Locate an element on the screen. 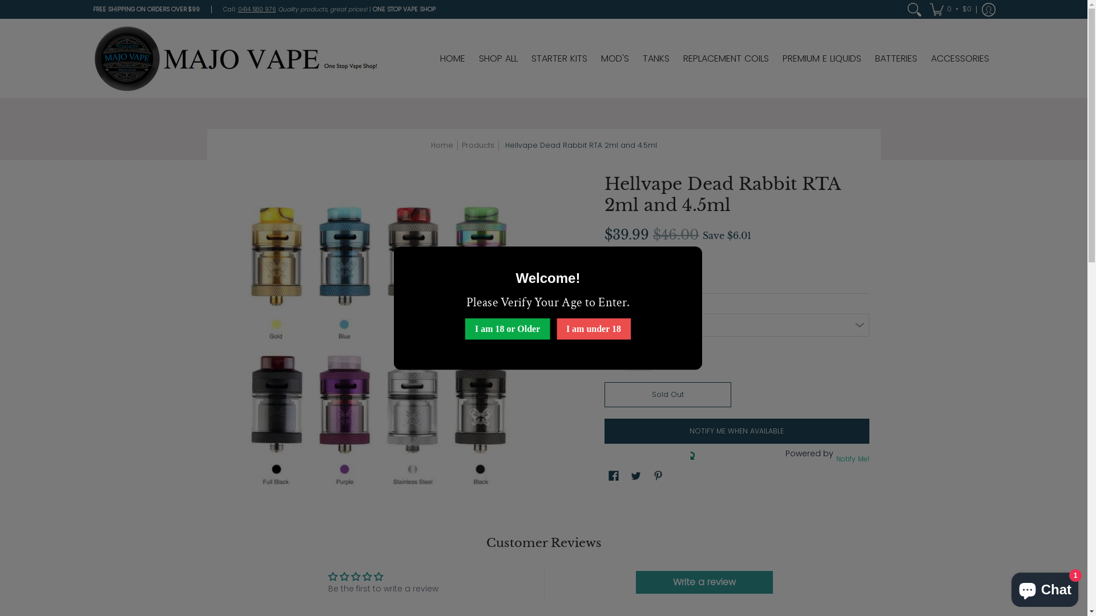 This screenshot has width=1096, height=616. 'TANKS' is located at coordinates (656, 58).